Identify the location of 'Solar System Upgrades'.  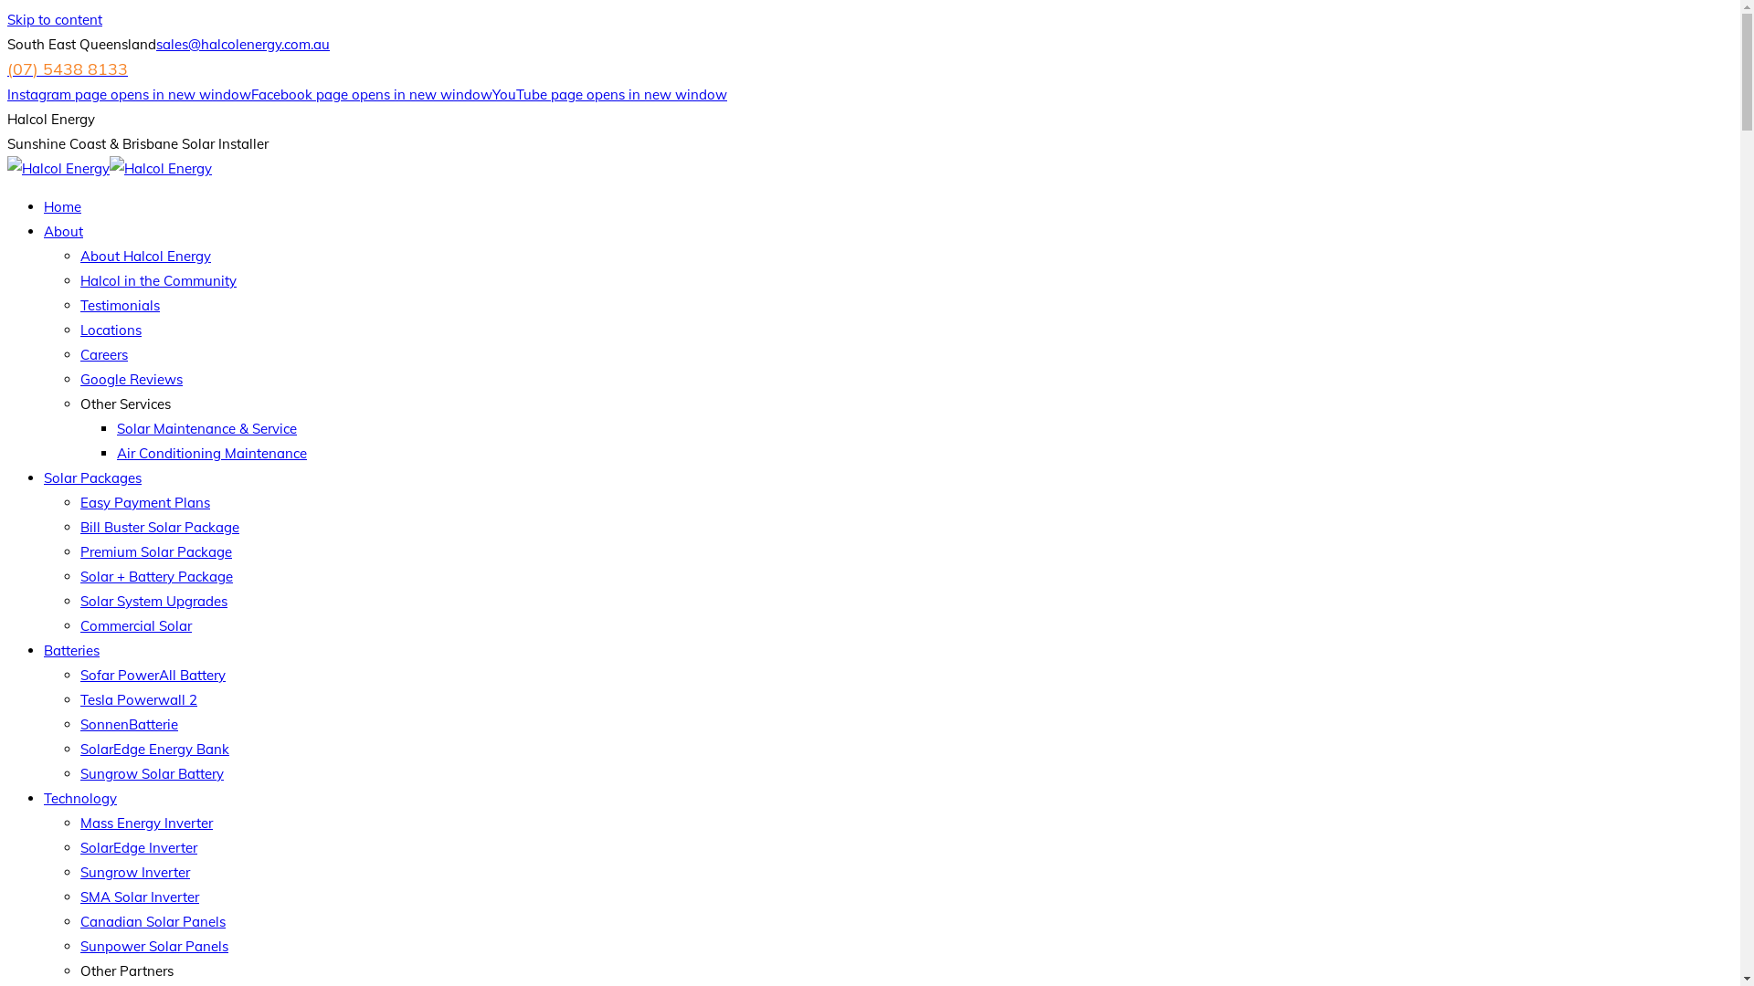
(79, 601).